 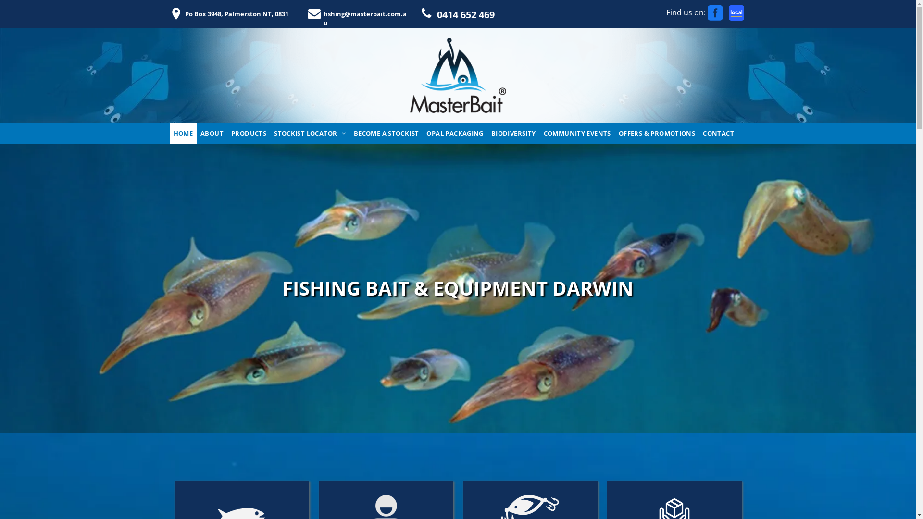 I want to click on 'HOME', so click(x=169, y=133).